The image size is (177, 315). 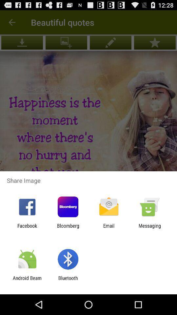 What do you see at coordinates (27, 228) in the screenshot?
I see `app next to bloomberg item` at bounding box center [27, 228].